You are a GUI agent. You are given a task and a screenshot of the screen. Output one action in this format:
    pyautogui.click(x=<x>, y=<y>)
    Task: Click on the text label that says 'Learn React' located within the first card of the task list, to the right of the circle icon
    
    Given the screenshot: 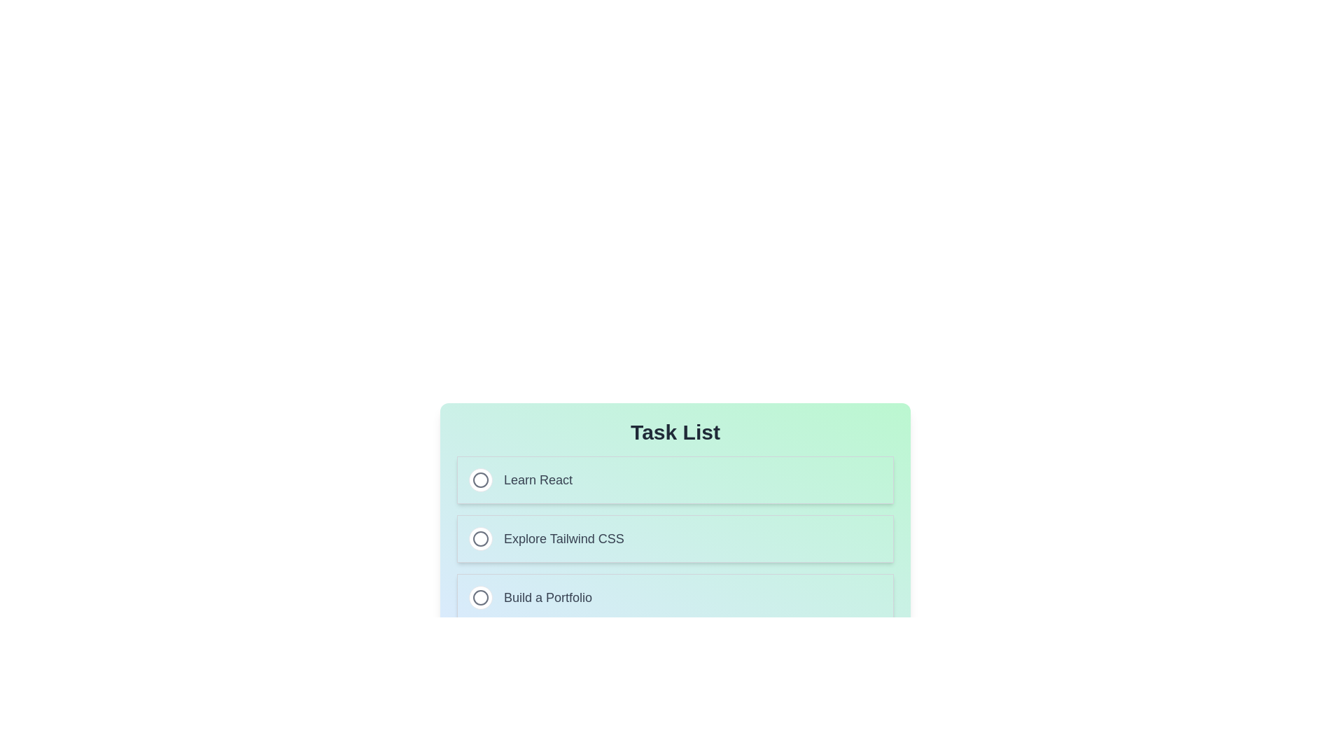 What is the action you would take?
    pyautogui.click(x=537, y=479)
    